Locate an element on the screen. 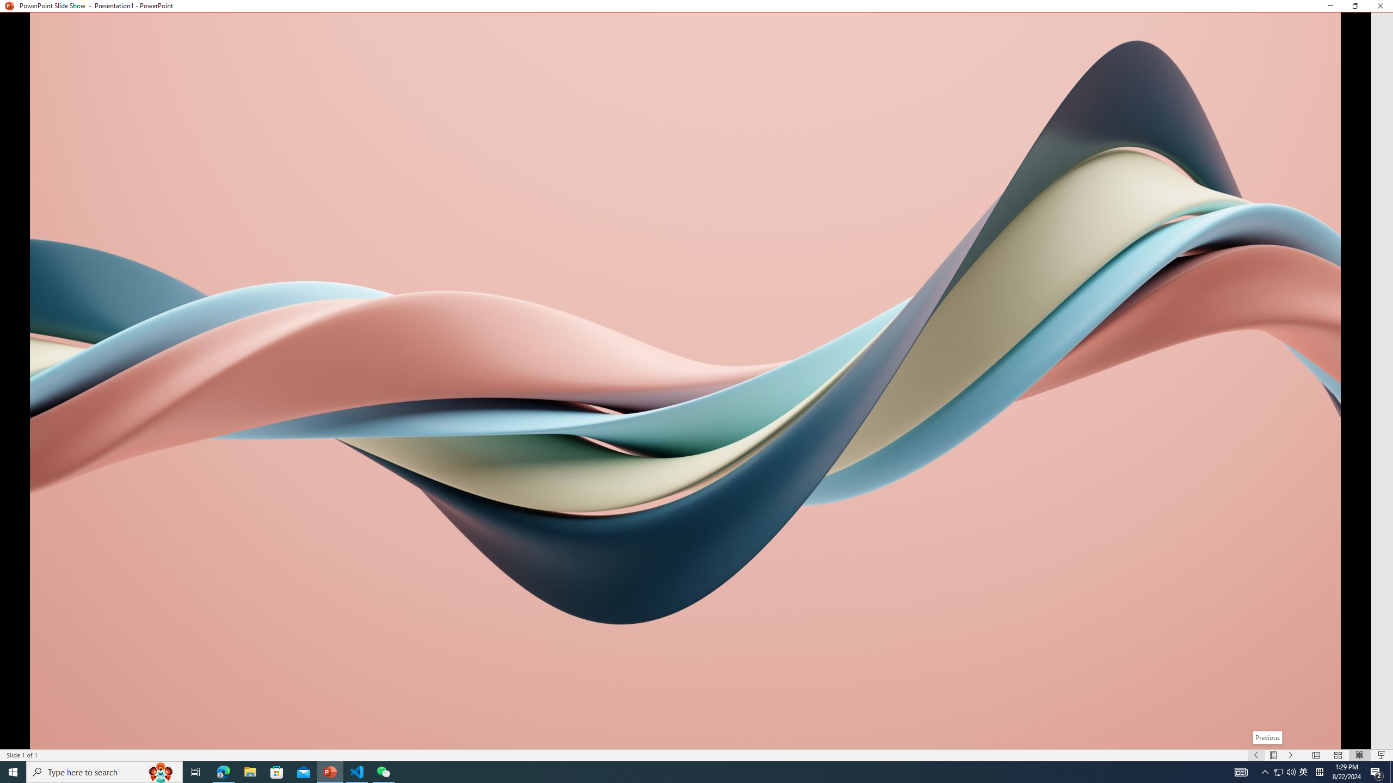  'Slide Show Previous On' is located at coordinates (1256, 755).